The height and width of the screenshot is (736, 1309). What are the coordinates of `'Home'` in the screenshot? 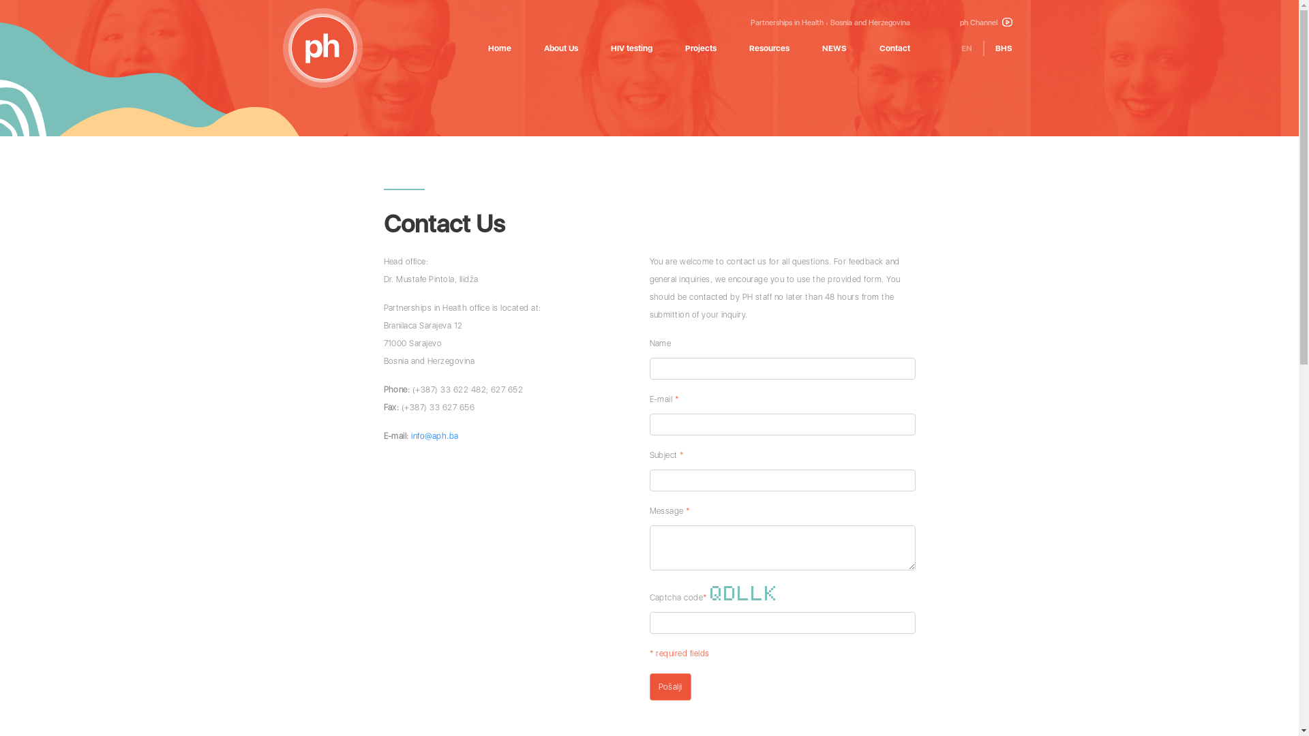 It's located at (487, 47).